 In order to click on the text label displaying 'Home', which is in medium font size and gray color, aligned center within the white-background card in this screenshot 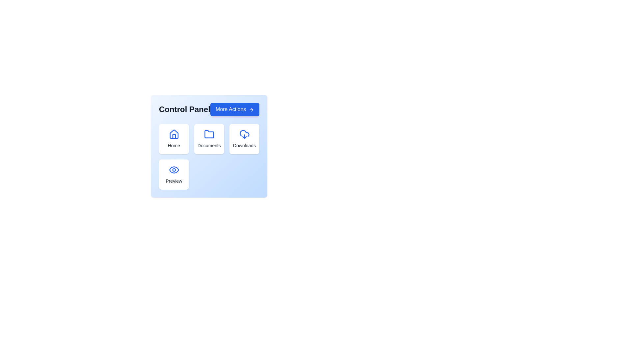, I will do `click(174, 145)`.